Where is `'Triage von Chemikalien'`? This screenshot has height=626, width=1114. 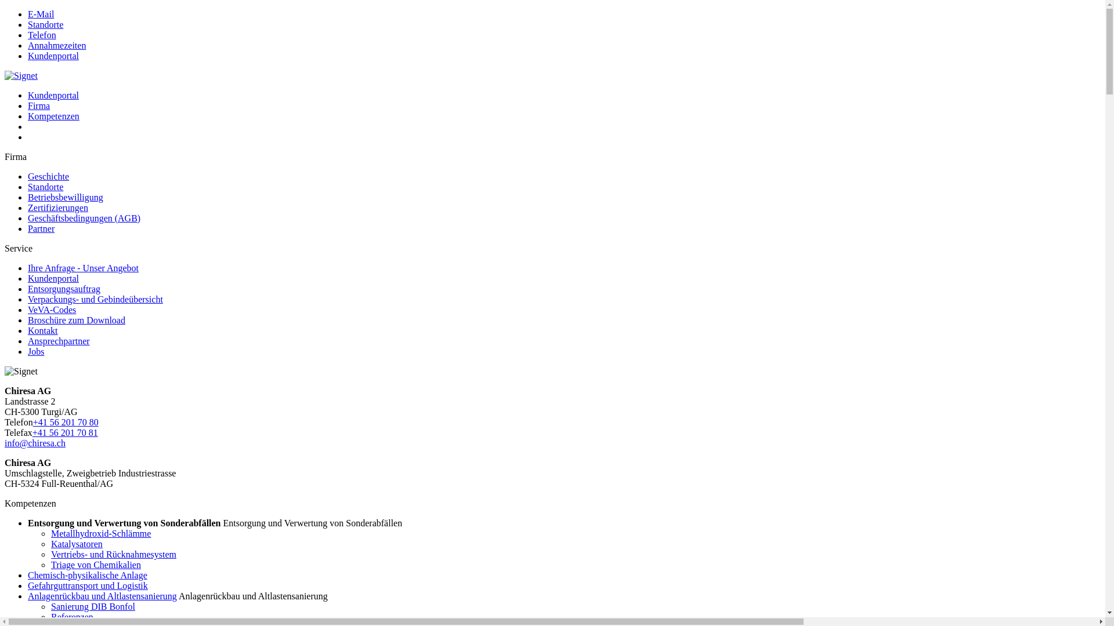
'Triage von Chemikalien' is located at coordinates (96, 564).